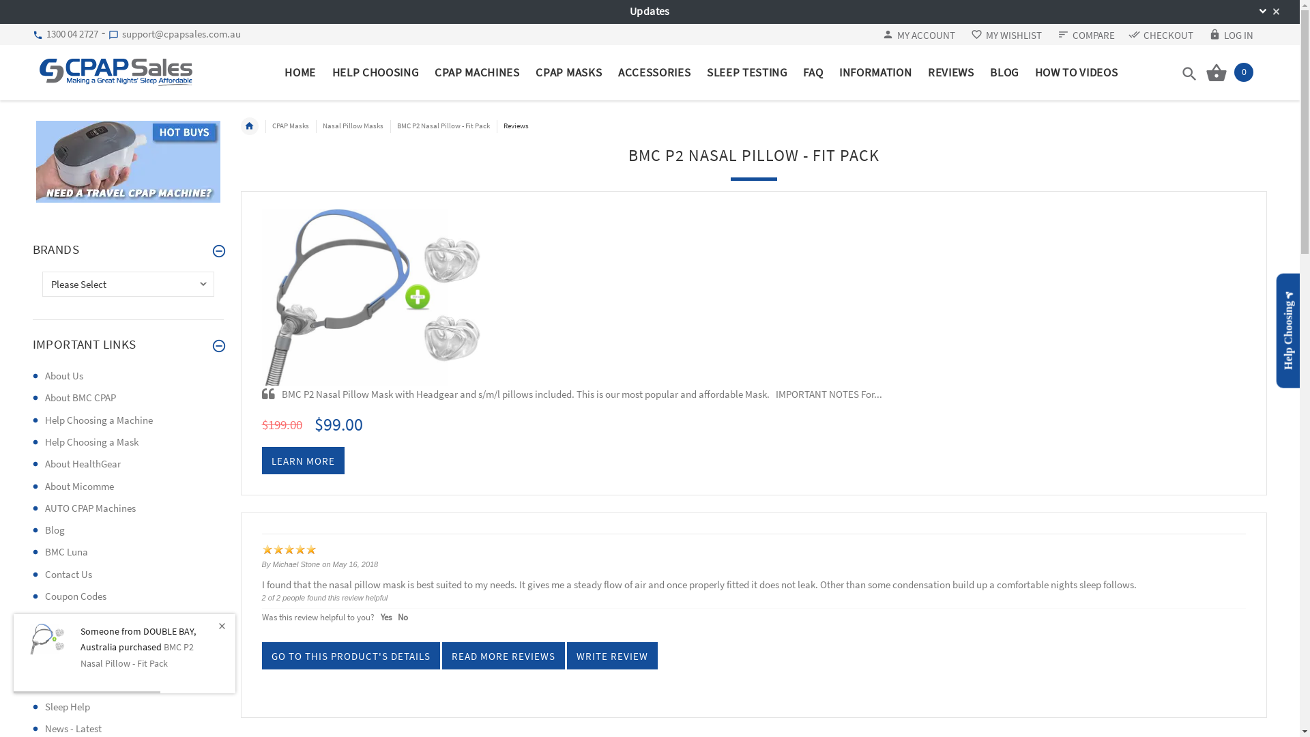  Describe the element at coordinates (67, 706) in the screenshot. I see `'Sleep Help'` at that location.